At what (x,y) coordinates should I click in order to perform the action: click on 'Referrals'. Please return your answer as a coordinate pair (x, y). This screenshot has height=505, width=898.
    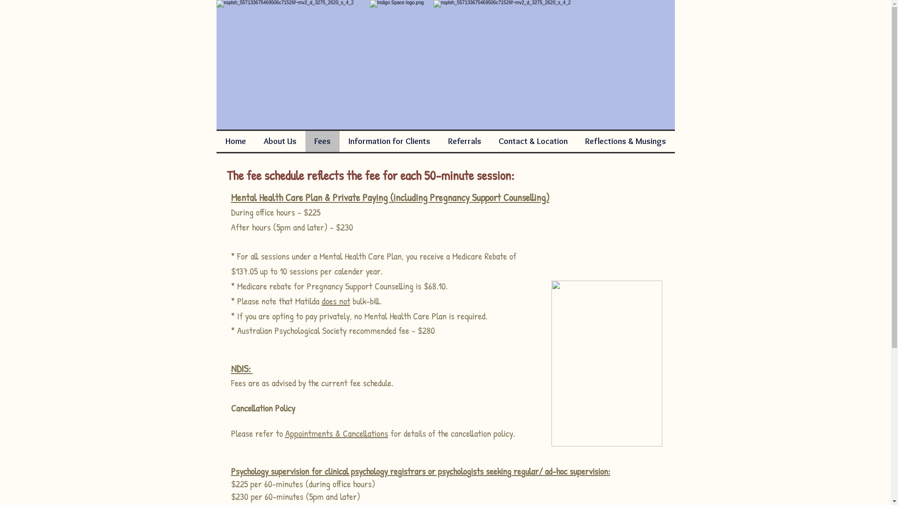
    Looking at the image, I should click on (464, 141).